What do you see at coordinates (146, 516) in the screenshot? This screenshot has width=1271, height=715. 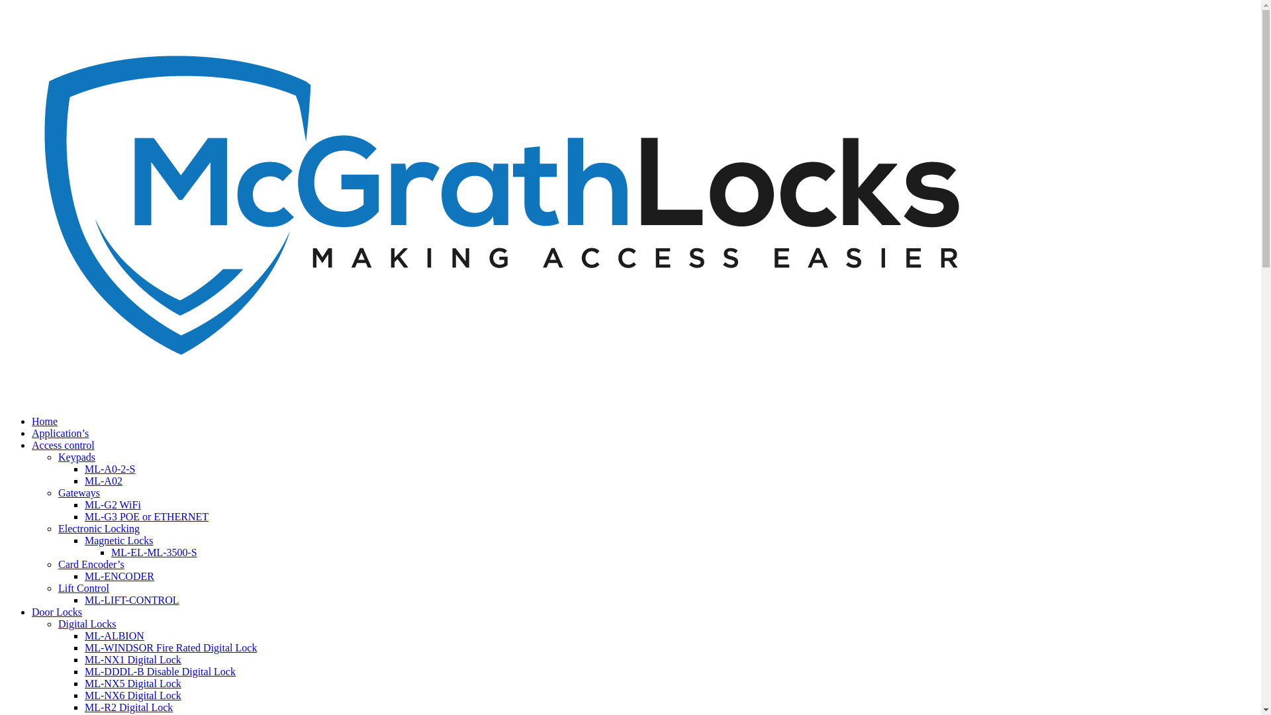 I see `'ML-G3 POE or ETHERNET'` at bounding box center [146, 516].